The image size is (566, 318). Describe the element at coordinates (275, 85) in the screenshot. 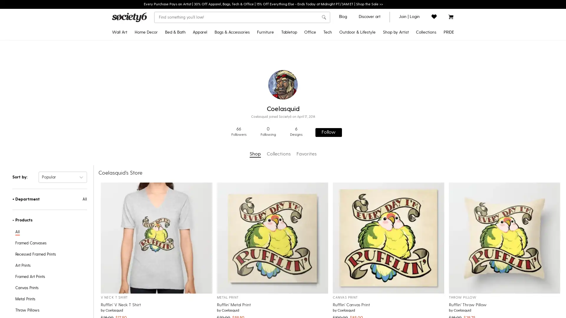

I see `Side Tables` at that location.